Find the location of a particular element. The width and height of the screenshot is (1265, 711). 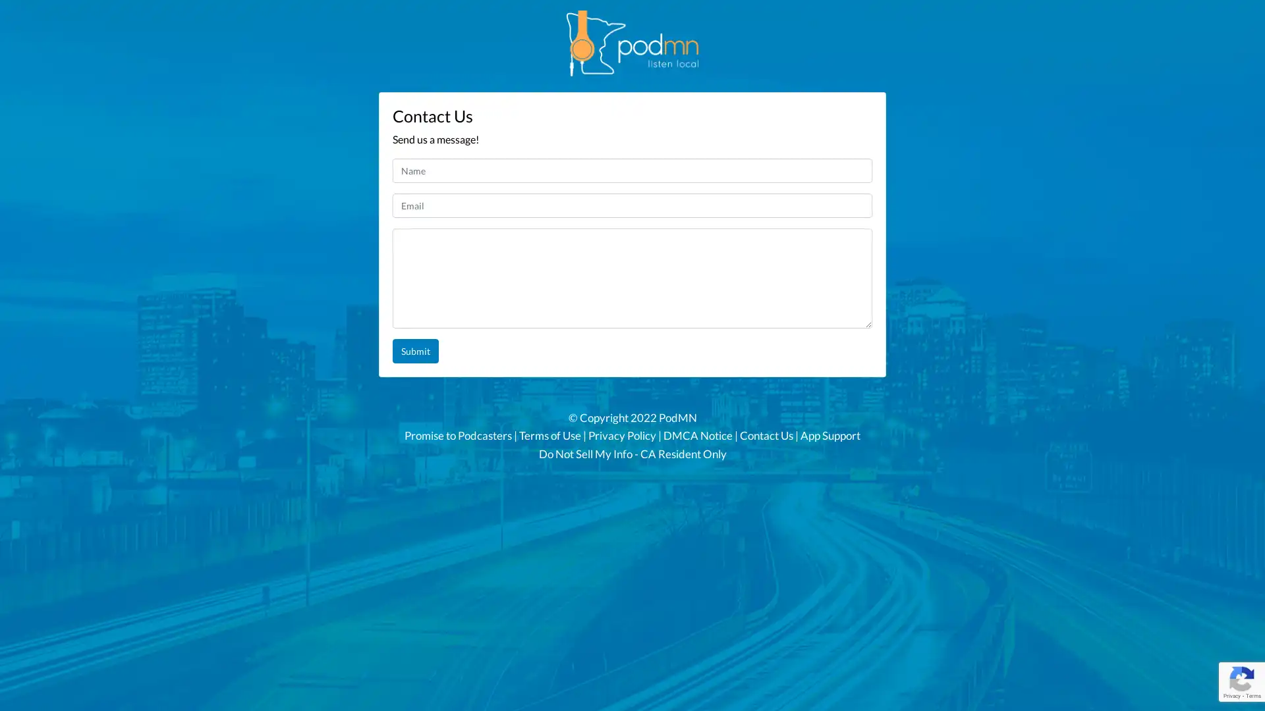

Submit is located at coordinates (414, 350).